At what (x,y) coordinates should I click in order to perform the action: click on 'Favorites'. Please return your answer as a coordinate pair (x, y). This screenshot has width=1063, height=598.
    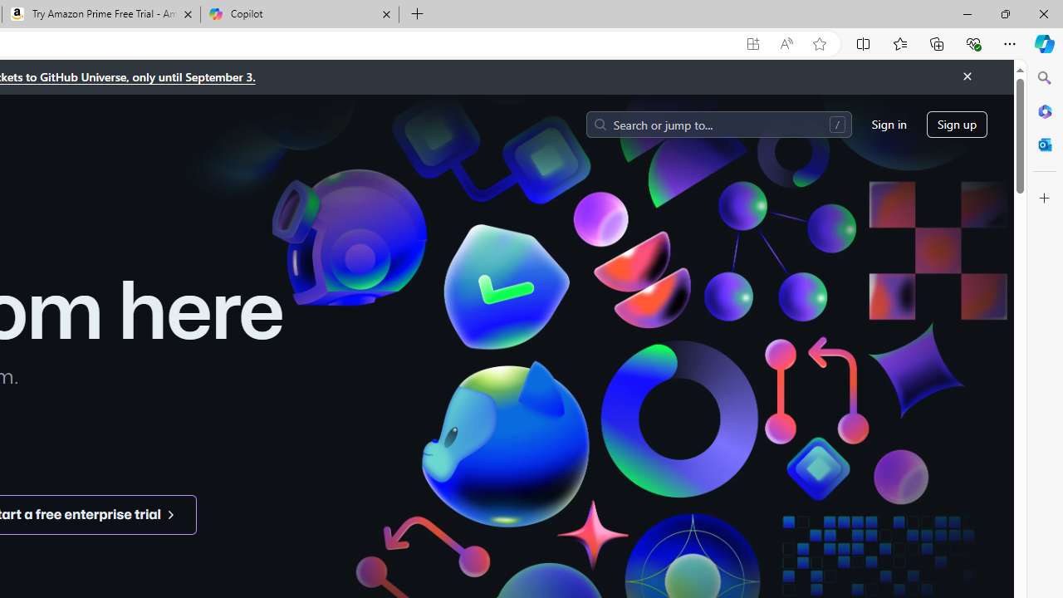
    Looking at the image, I should click on (899, 42).